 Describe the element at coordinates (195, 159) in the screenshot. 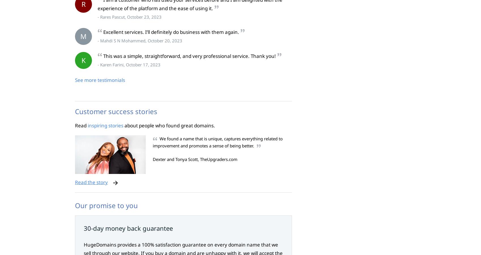

I see `'Dexter and Tonya Scott, TheUpgraders.com'` at that location.